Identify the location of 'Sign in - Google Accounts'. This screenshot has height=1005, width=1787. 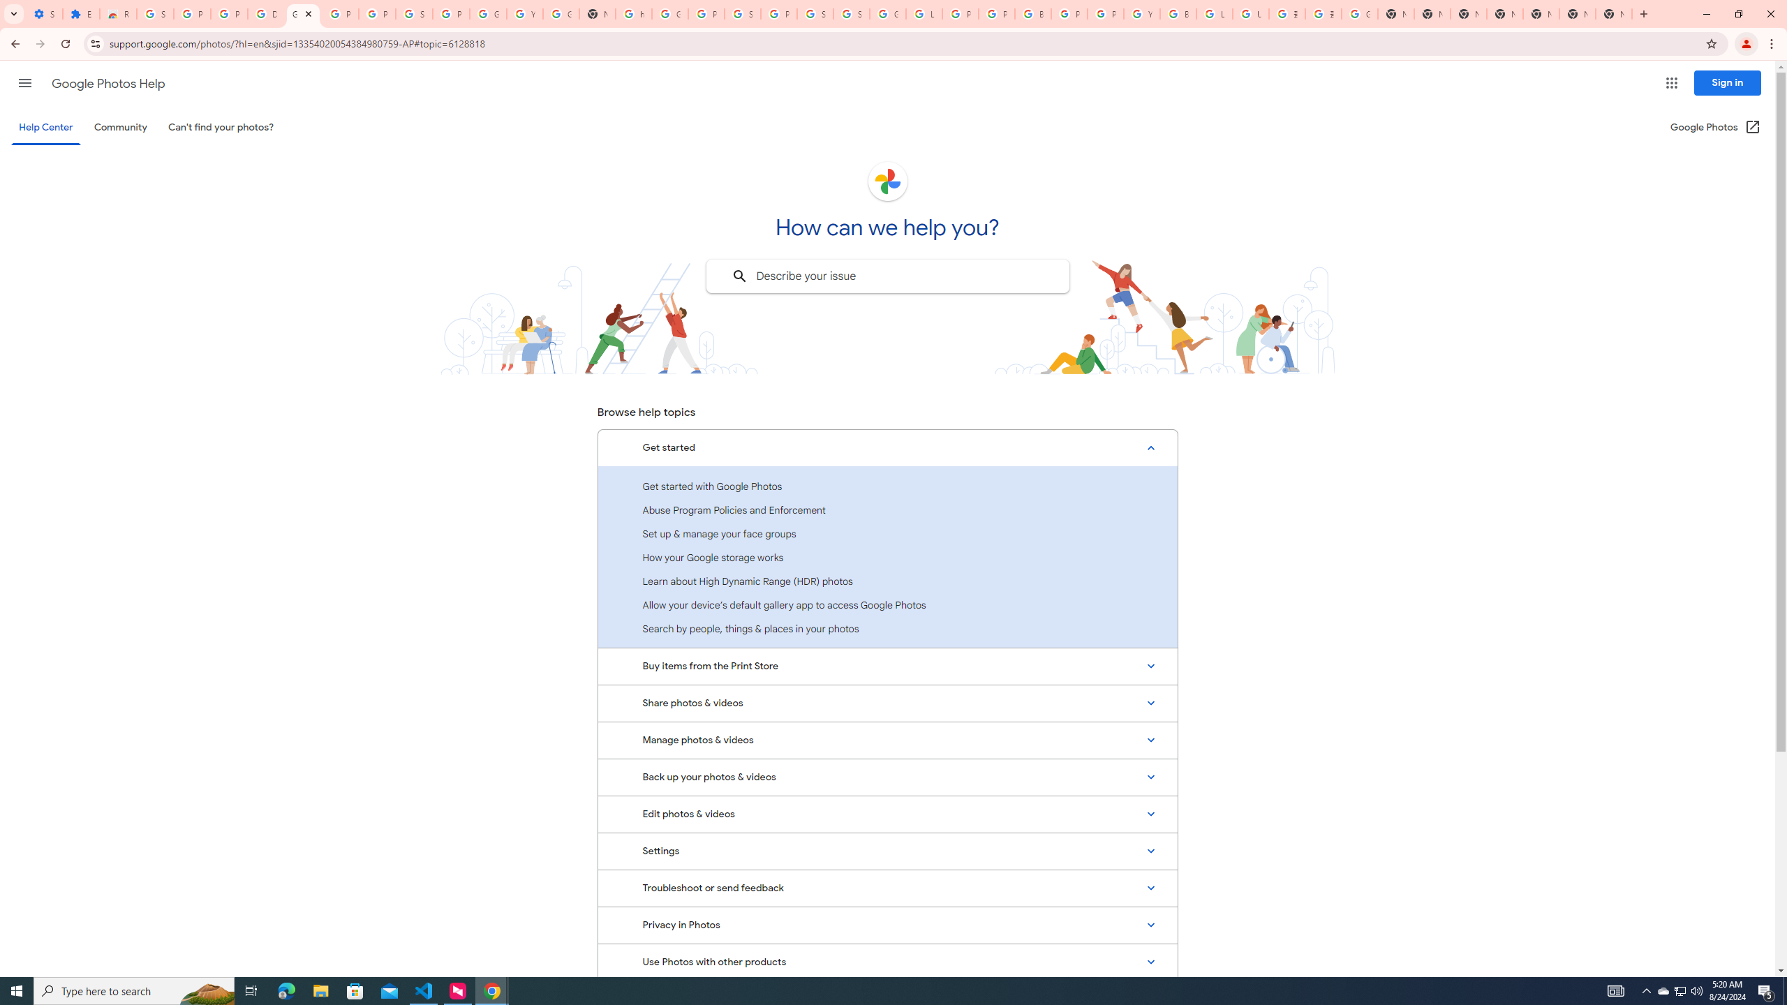
(850, 13).